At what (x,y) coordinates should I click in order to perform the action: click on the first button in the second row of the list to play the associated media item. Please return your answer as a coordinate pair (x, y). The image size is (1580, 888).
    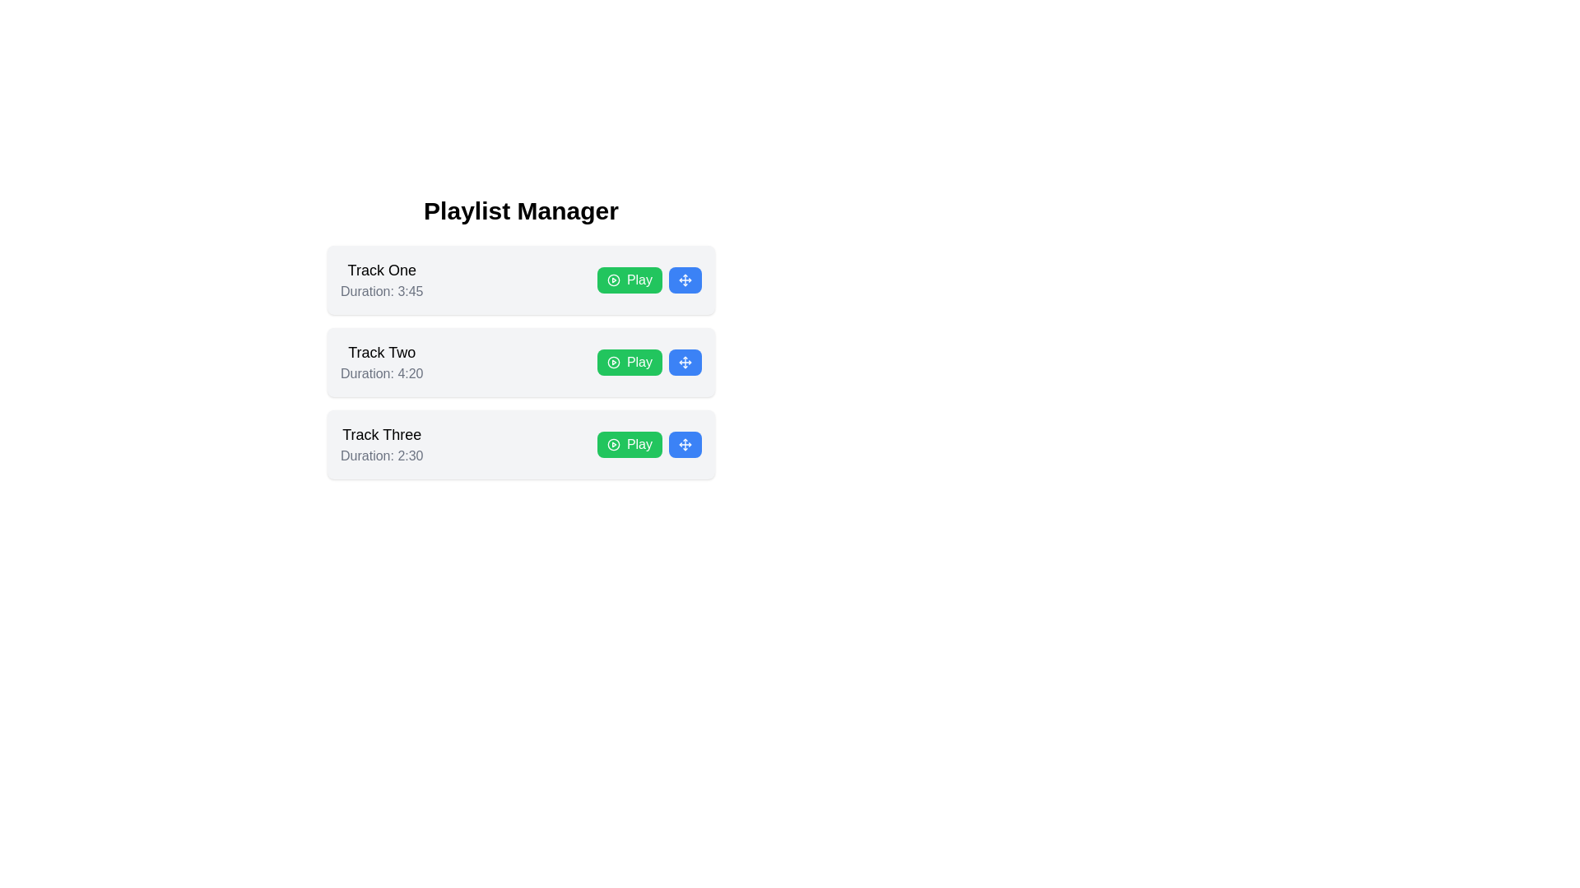
    Looking at the image, I should click on (629, 361).